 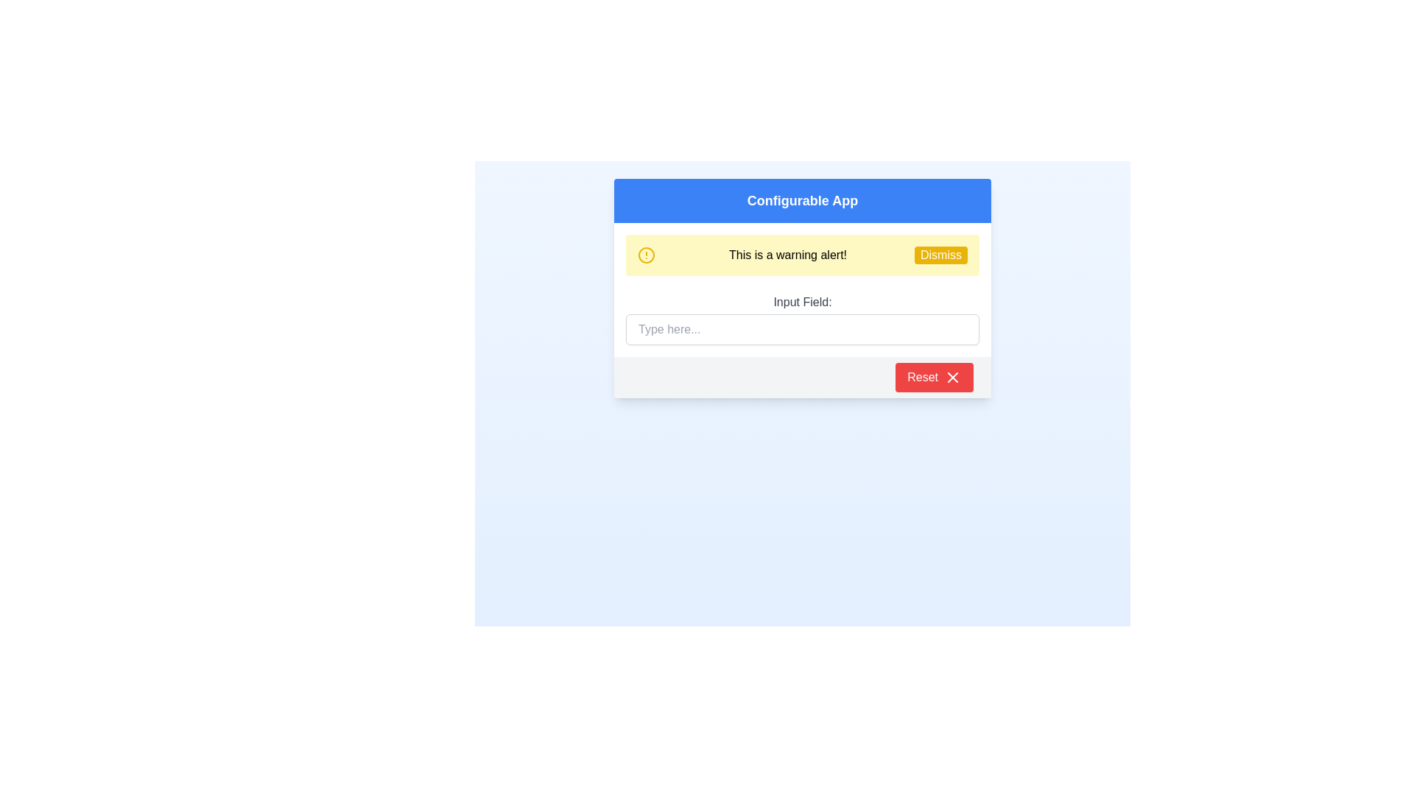 I want to click on the reset button located at the bottom-right of the gray horizontal bar, so click(x=933, y=377).